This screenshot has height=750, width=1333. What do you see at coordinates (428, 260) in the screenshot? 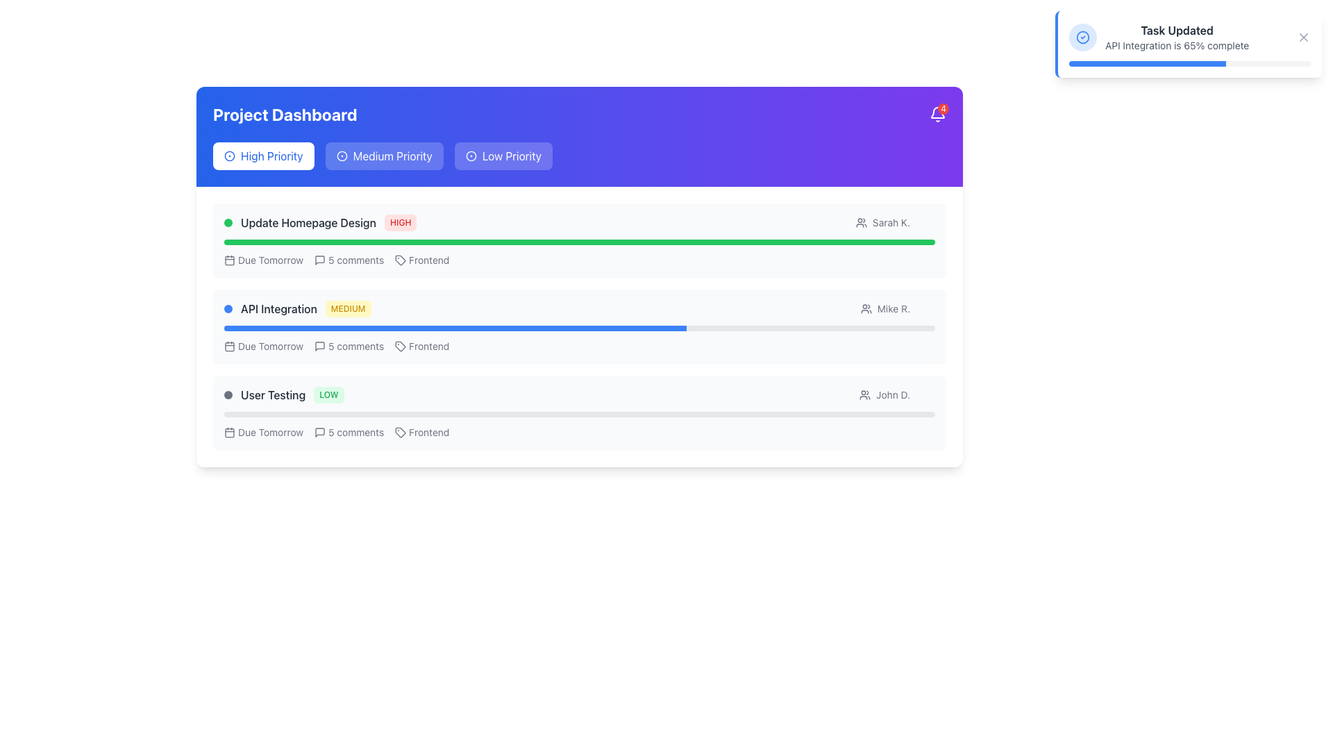
I see `the text element 'Frontend' located next to the tag icon in the 'Update Homepage Design' section` at bounding box center [428, 260].